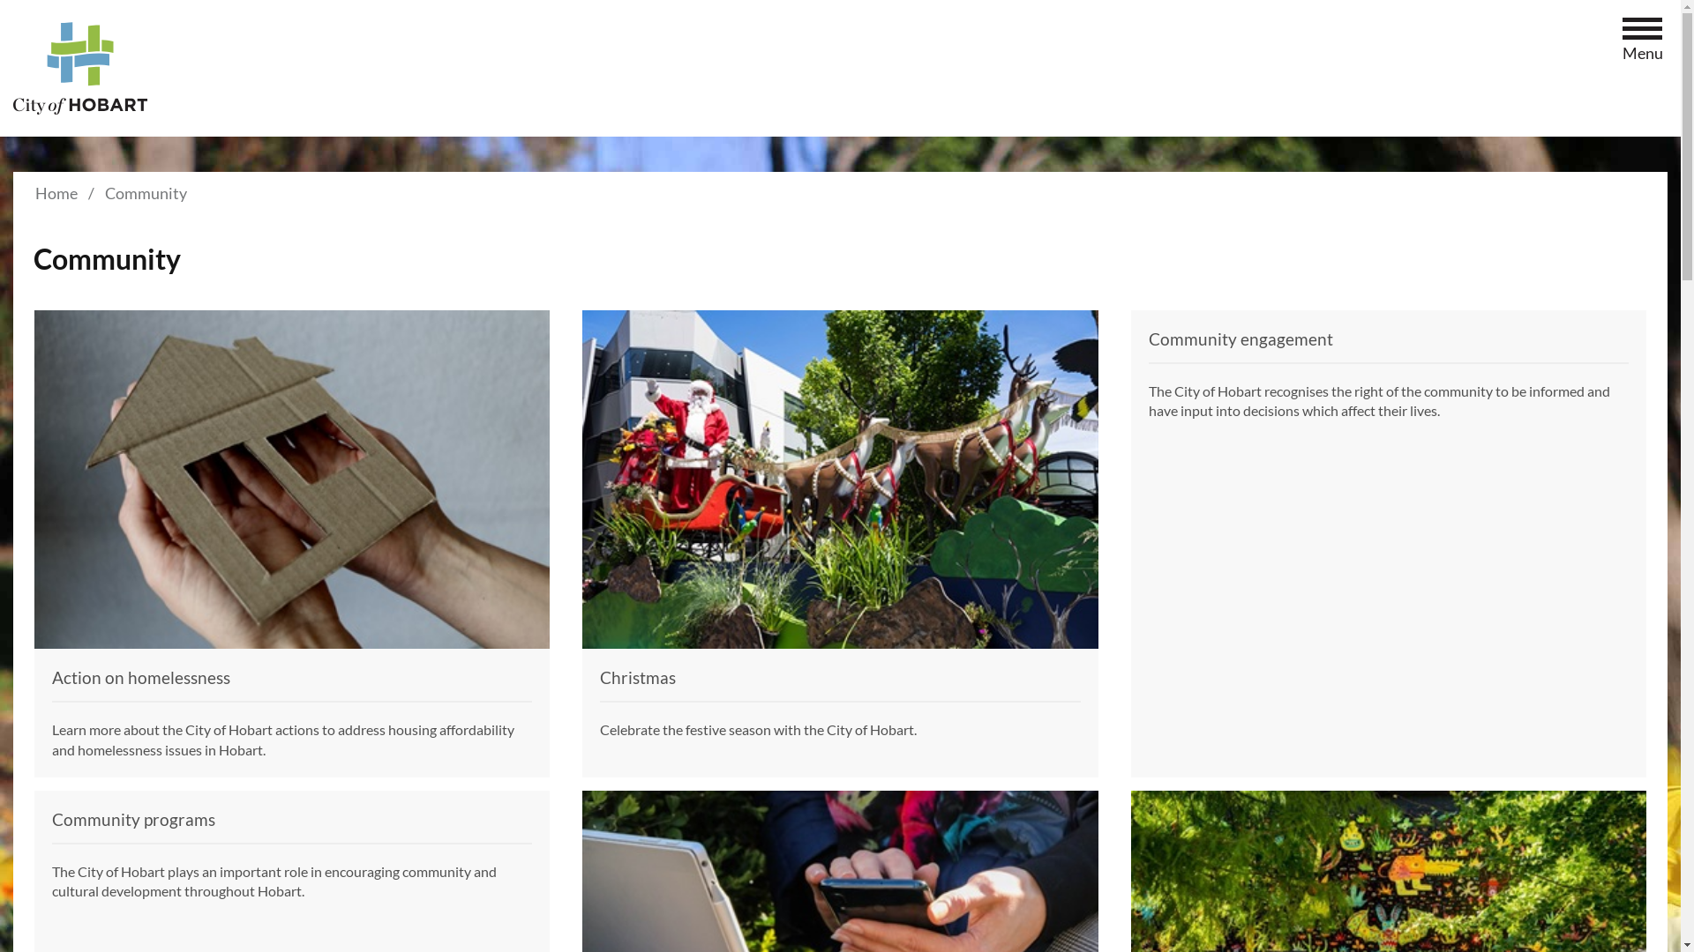 The height and width of the screenshot is (952, 1694). Describe the element at coordinates (1642, 31) in the screenshot. I see `'Open` at that location.